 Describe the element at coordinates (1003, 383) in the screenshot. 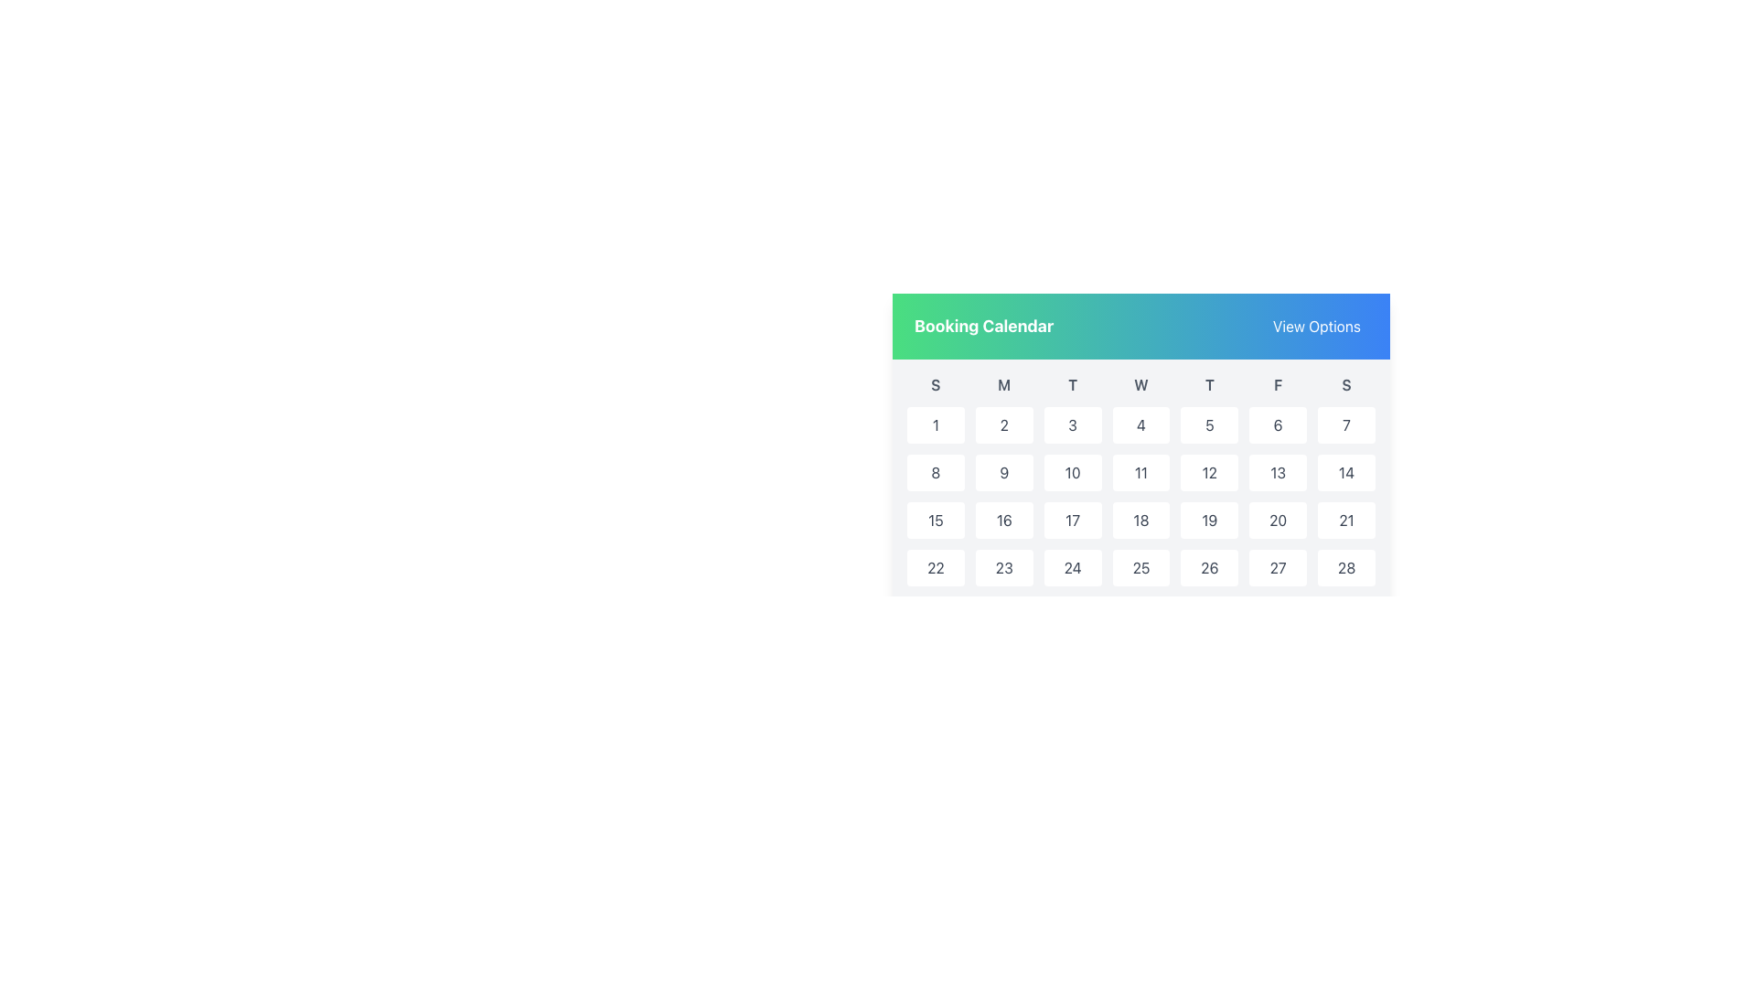

I see `the static text label representing Monday in the calendar header row, which is positioned between 'S' and 'T'` at that location.